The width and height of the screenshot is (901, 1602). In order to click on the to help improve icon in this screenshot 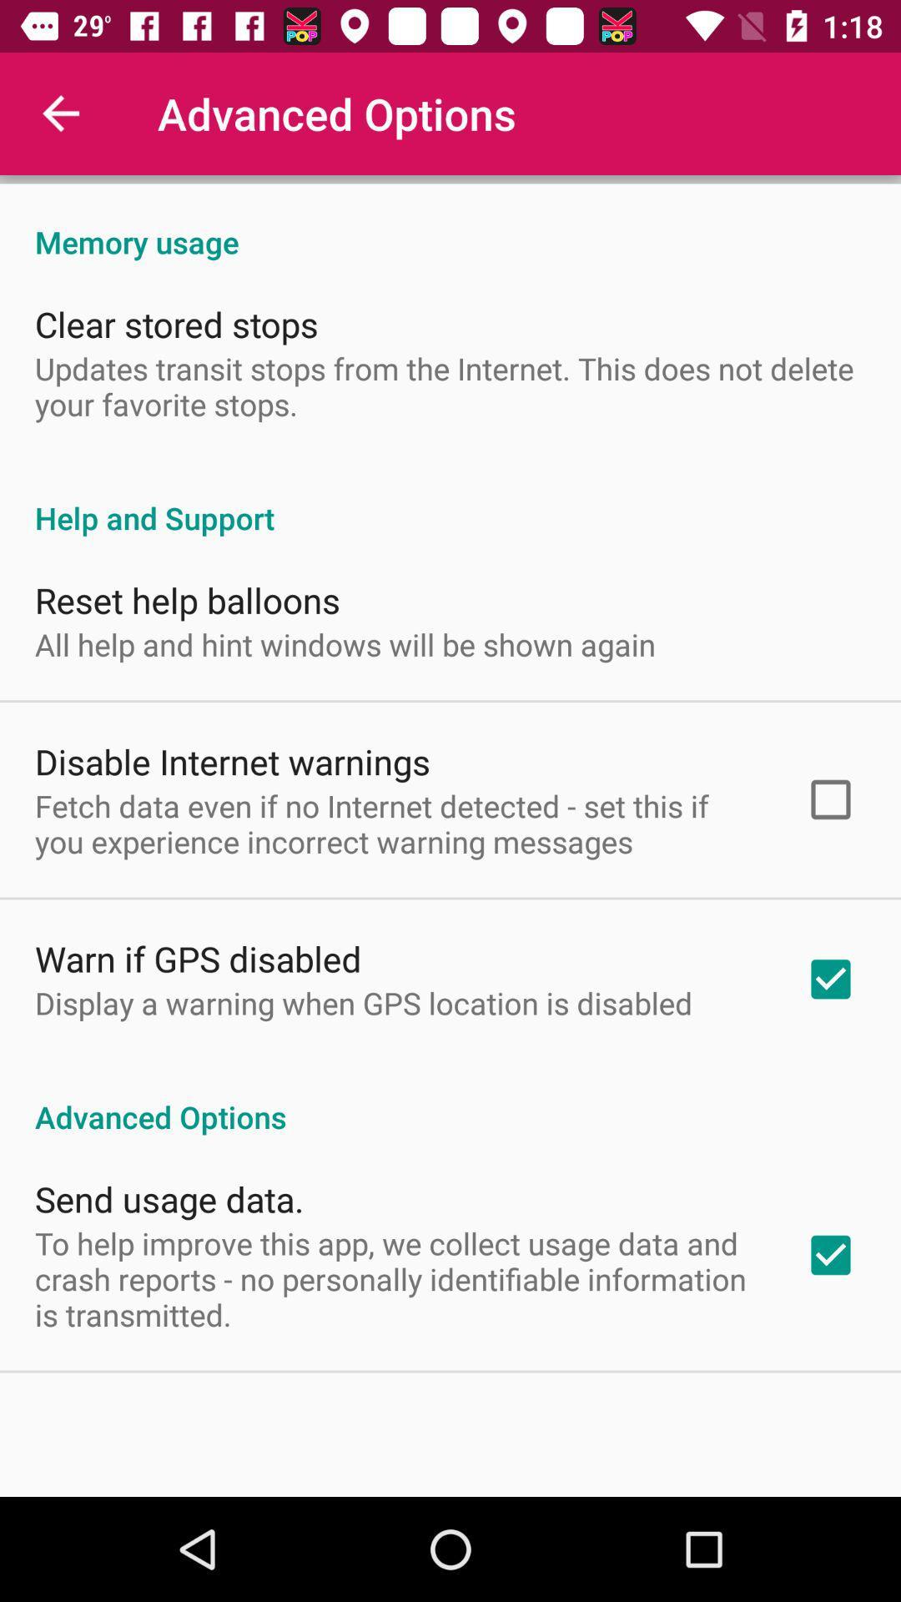, I will do `click(398, 1277)`.